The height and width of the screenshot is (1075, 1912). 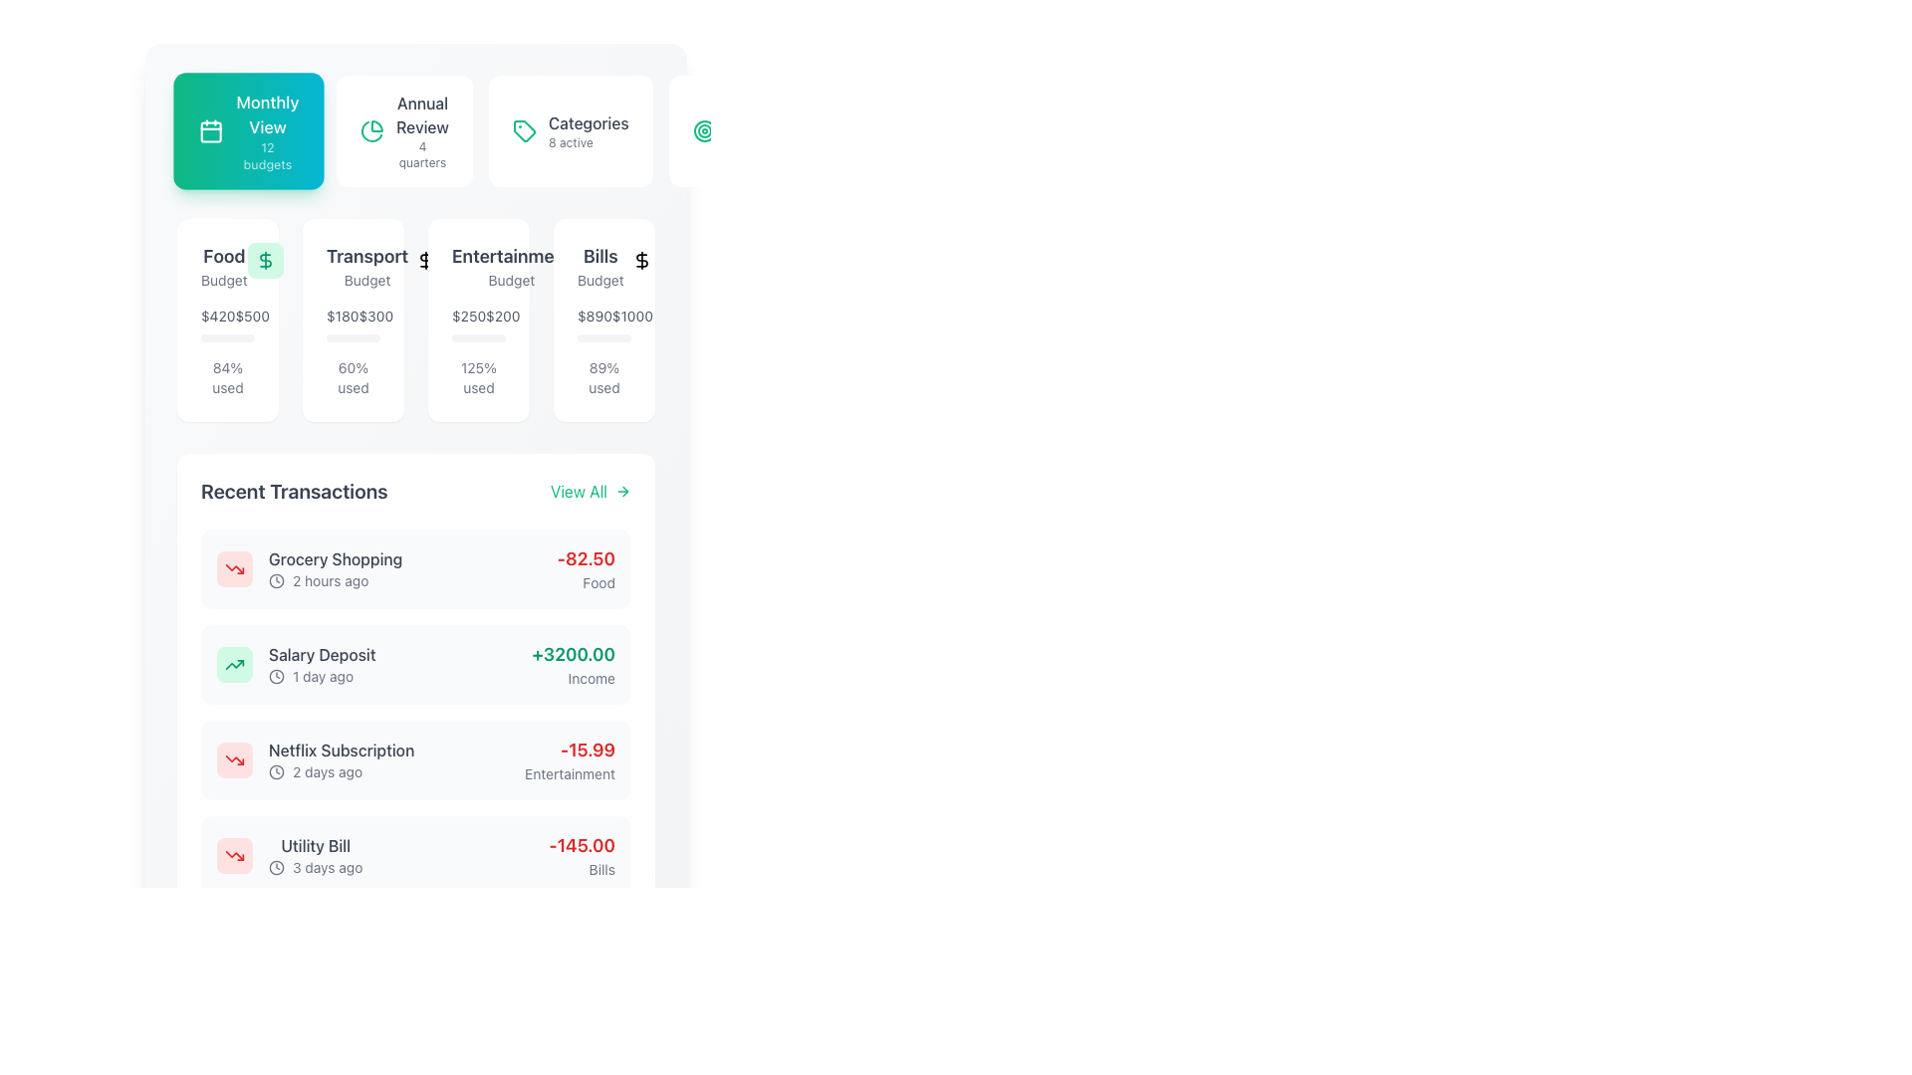 I want to click on the top-right curved segment of the pie chart icon, which visually represents a part of a data visualization feature, so click(x=377, y=126).